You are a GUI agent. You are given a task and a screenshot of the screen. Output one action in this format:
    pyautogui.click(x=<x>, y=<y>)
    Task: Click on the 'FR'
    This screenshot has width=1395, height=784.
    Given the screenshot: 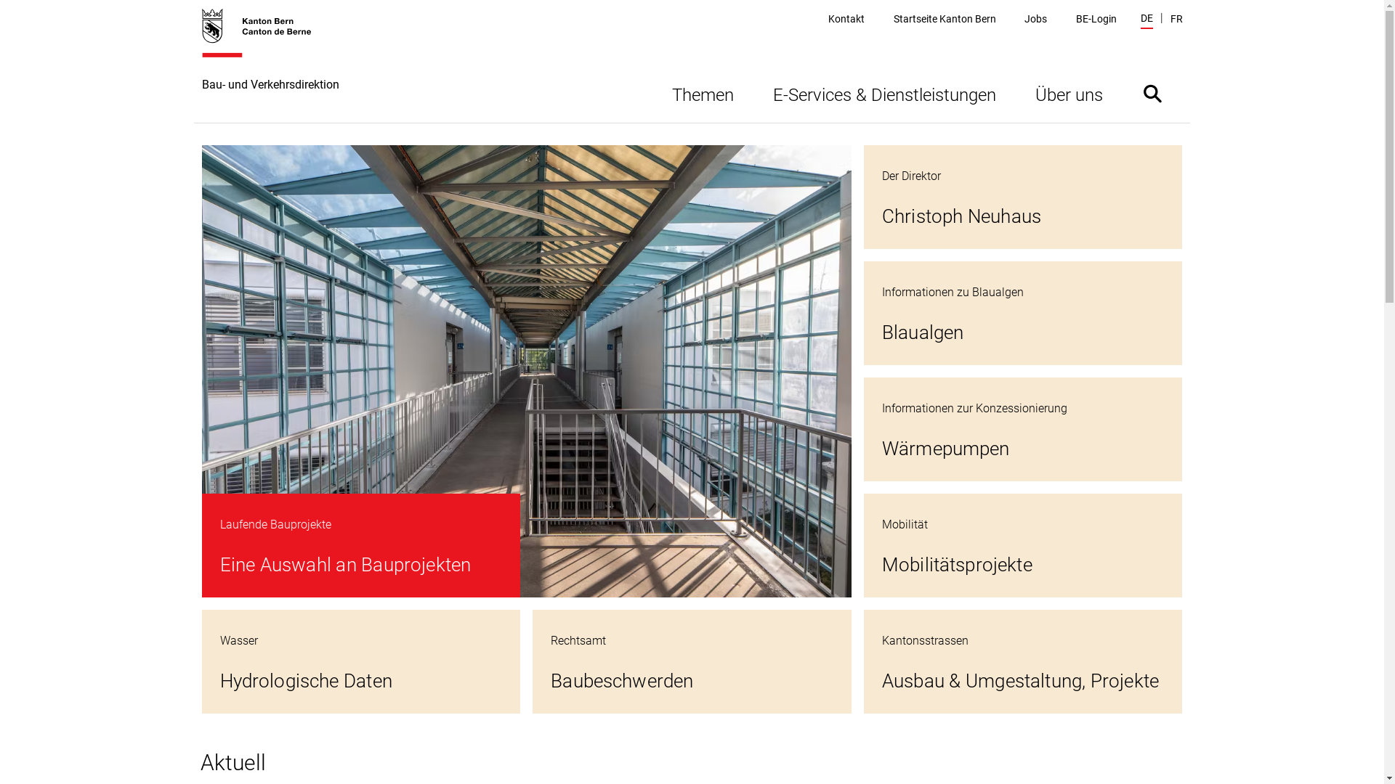 What is the action you would take?
    pyautogui.click(x=1176, y=19)
    